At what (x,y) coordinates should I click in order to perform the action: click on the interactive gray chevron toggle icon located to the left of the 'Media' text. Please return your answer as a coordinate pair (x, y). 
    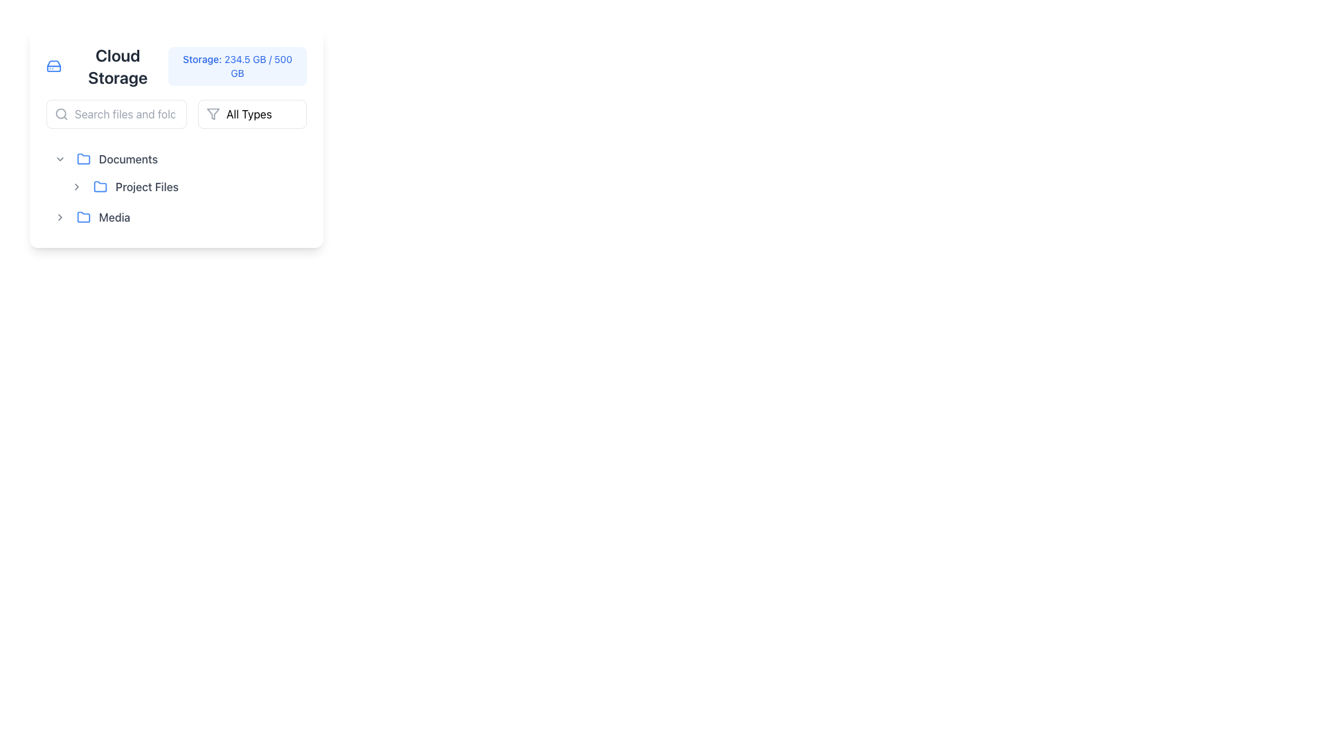
    Looking at the image, I should click on (59, 217).